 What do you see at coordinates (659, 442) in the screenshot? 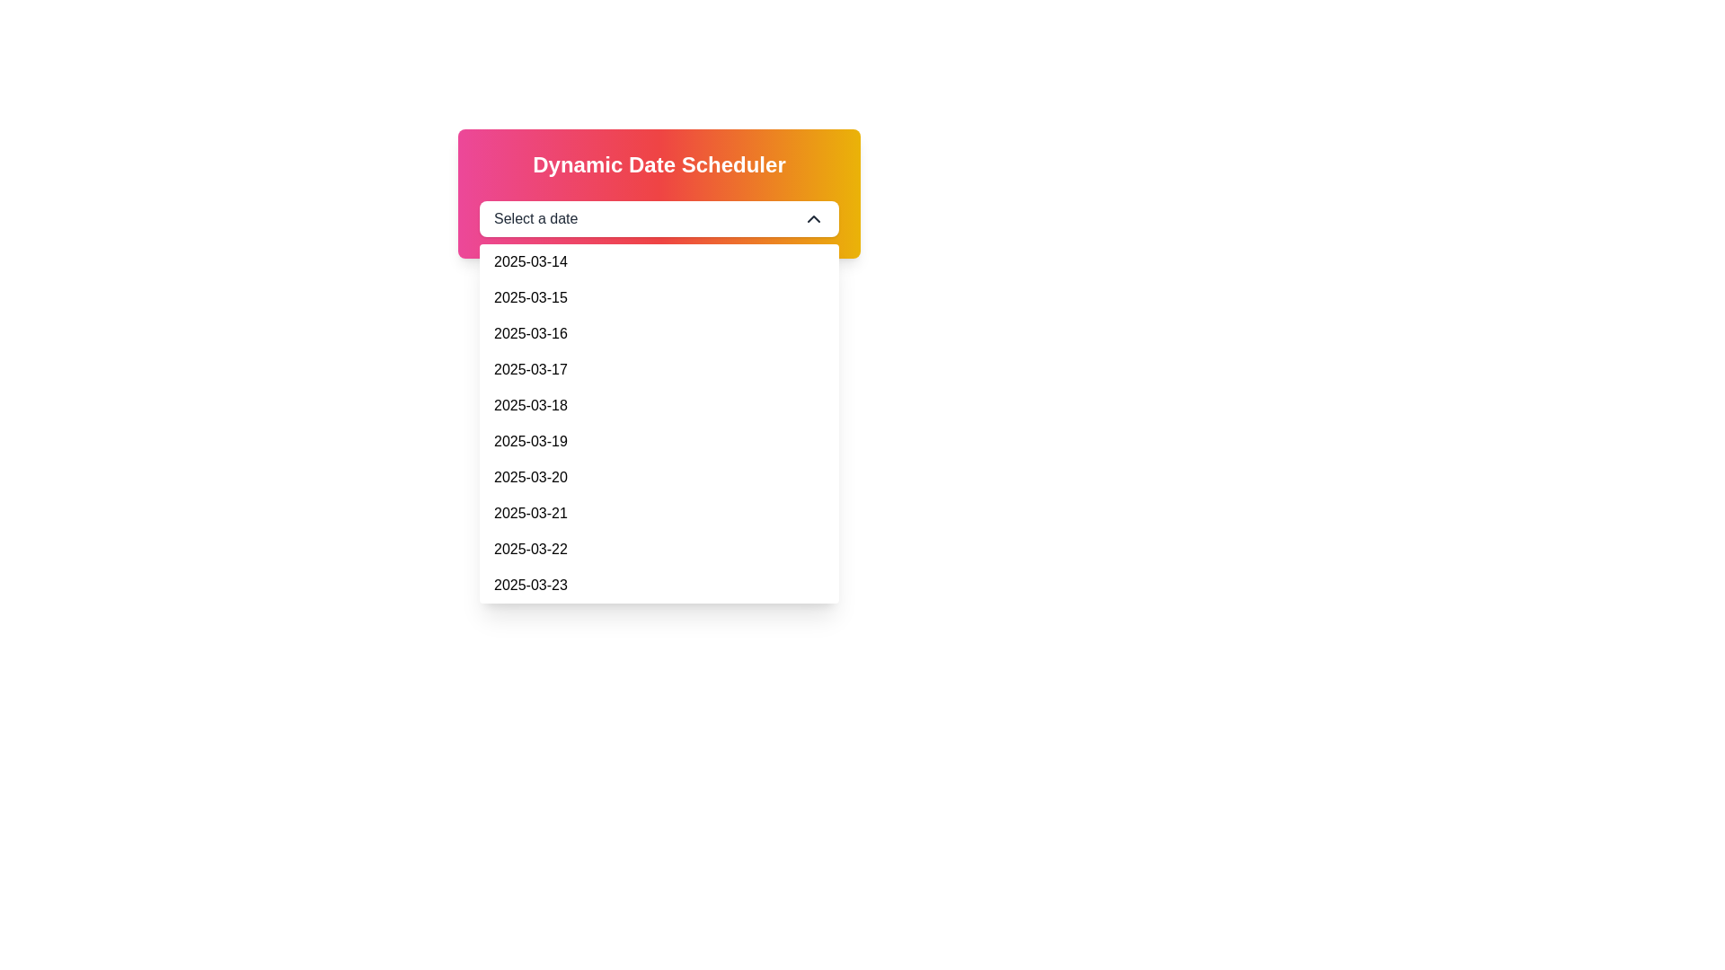
I see `the sixth list item in the dropdown menu displaying the date '2025-03-19'` at bounding box center [659, 442].